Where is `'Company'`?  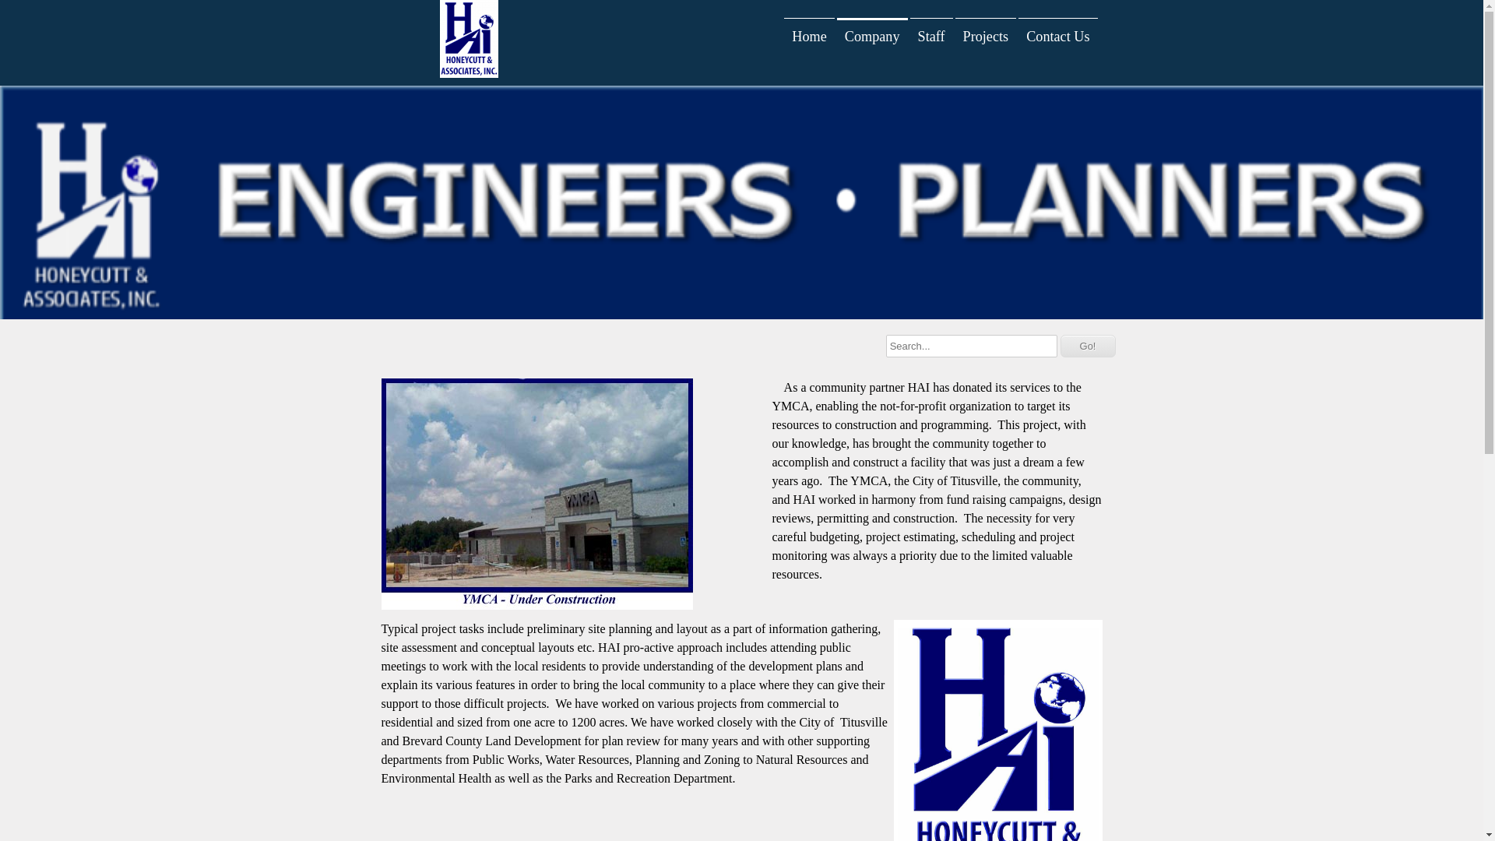
'Company' is located at coordinates (872, 35).